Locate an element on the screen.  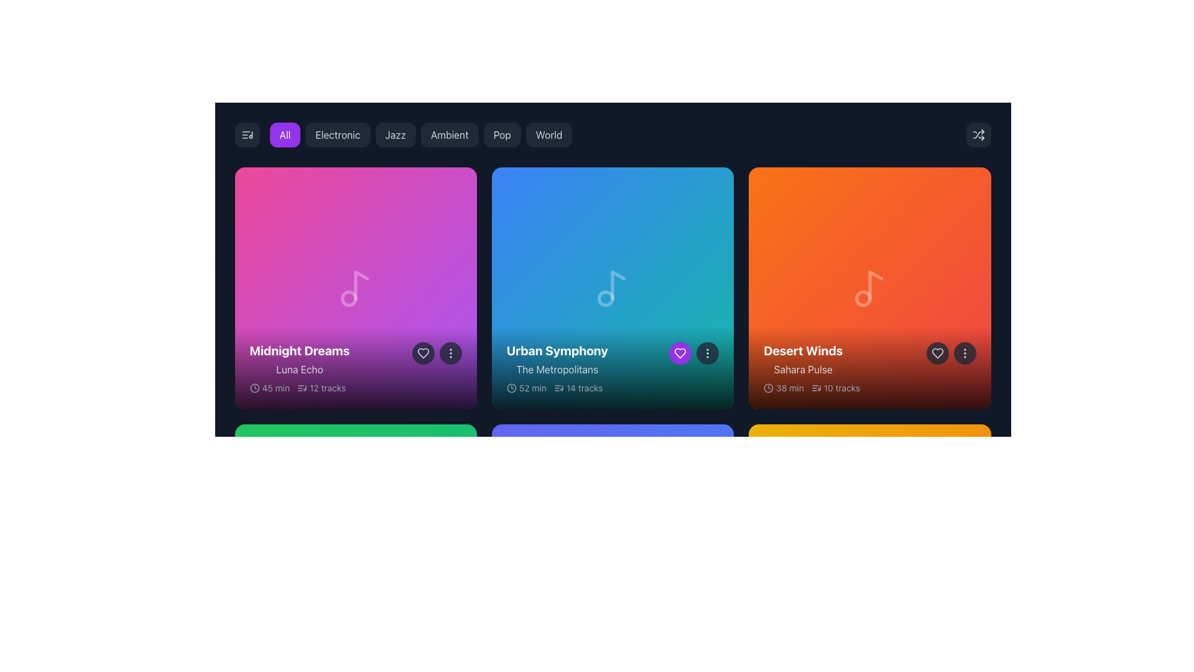
the clock icon representing the duration '52 min' located in the second card titled 'Urban Symphony' from the left, positioned to the left of the text '52 min' is located at coordinates (511, 388).